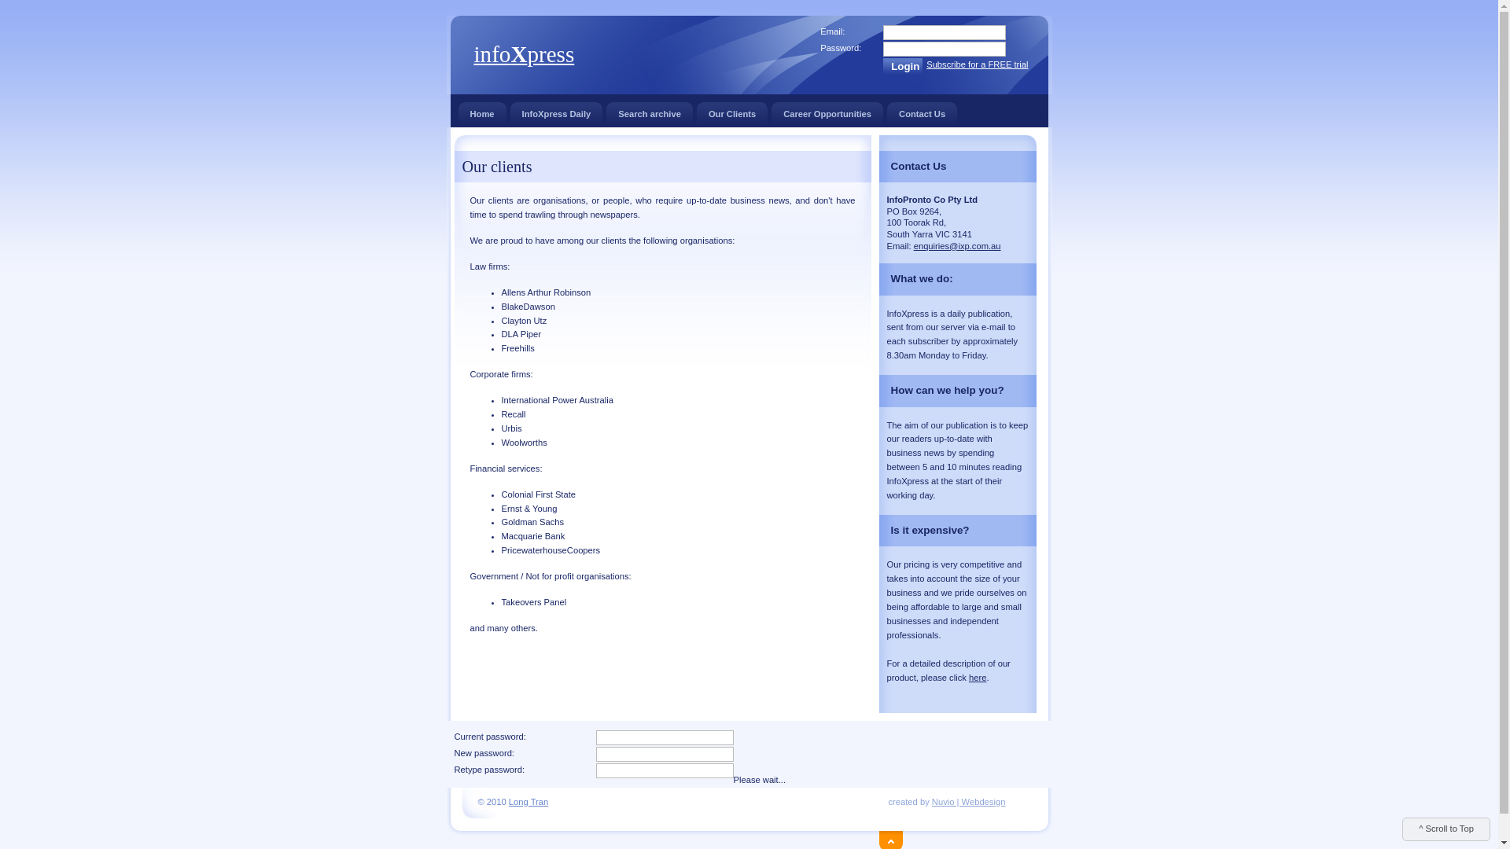  Describe the element at coordinates (902, 65) in the screenshot. I see `'Login'` at that location.